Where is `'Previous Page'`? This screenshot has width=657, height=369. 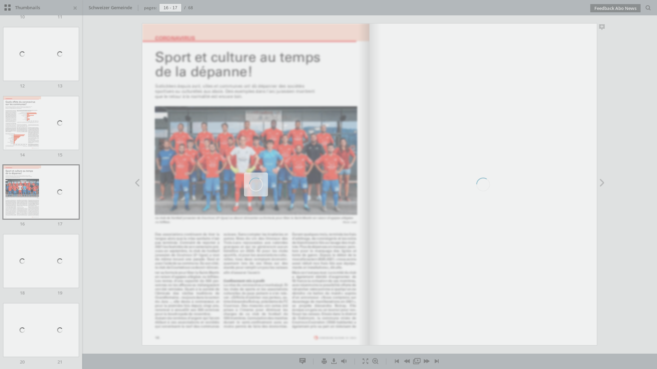
'Previous Page' is located at coordinates (137, 183).